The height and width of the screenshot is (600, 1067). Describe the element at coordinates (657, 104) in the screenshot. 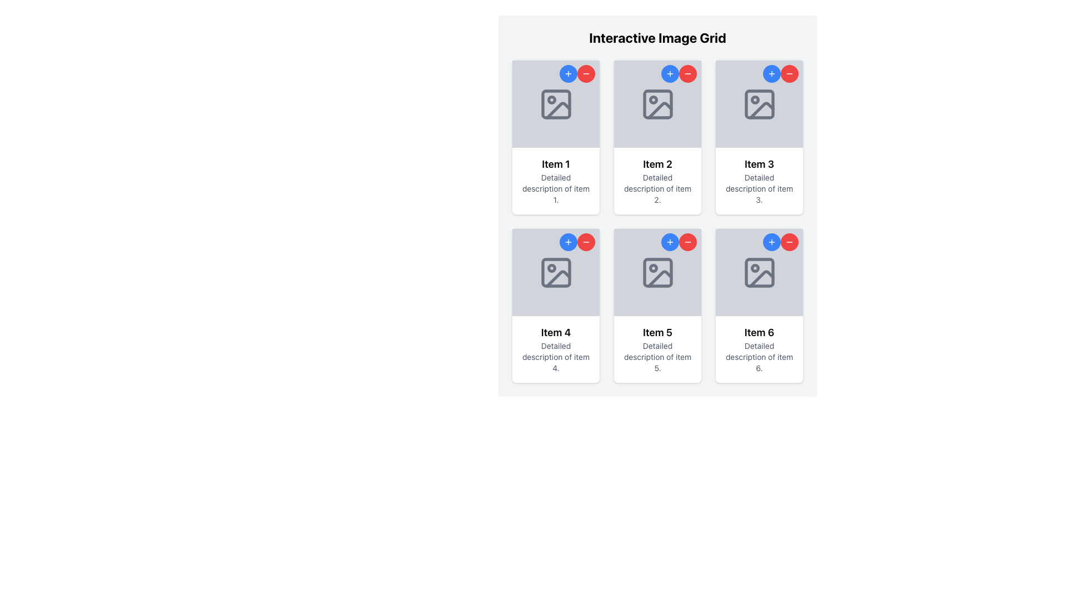

I see `the image placeholder icon located in the second item of the top row of the grid` at that location.